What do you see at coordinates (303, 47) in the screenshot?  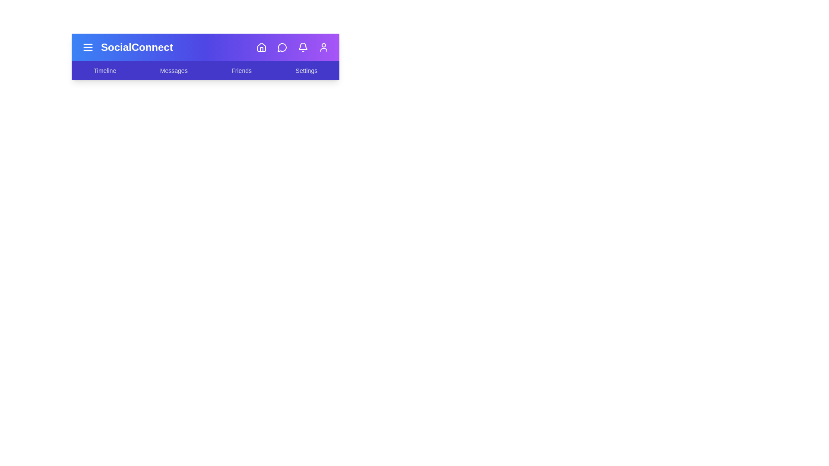 I see `the Bell Icon to observe visual effects` at bounding box center [303, 47].